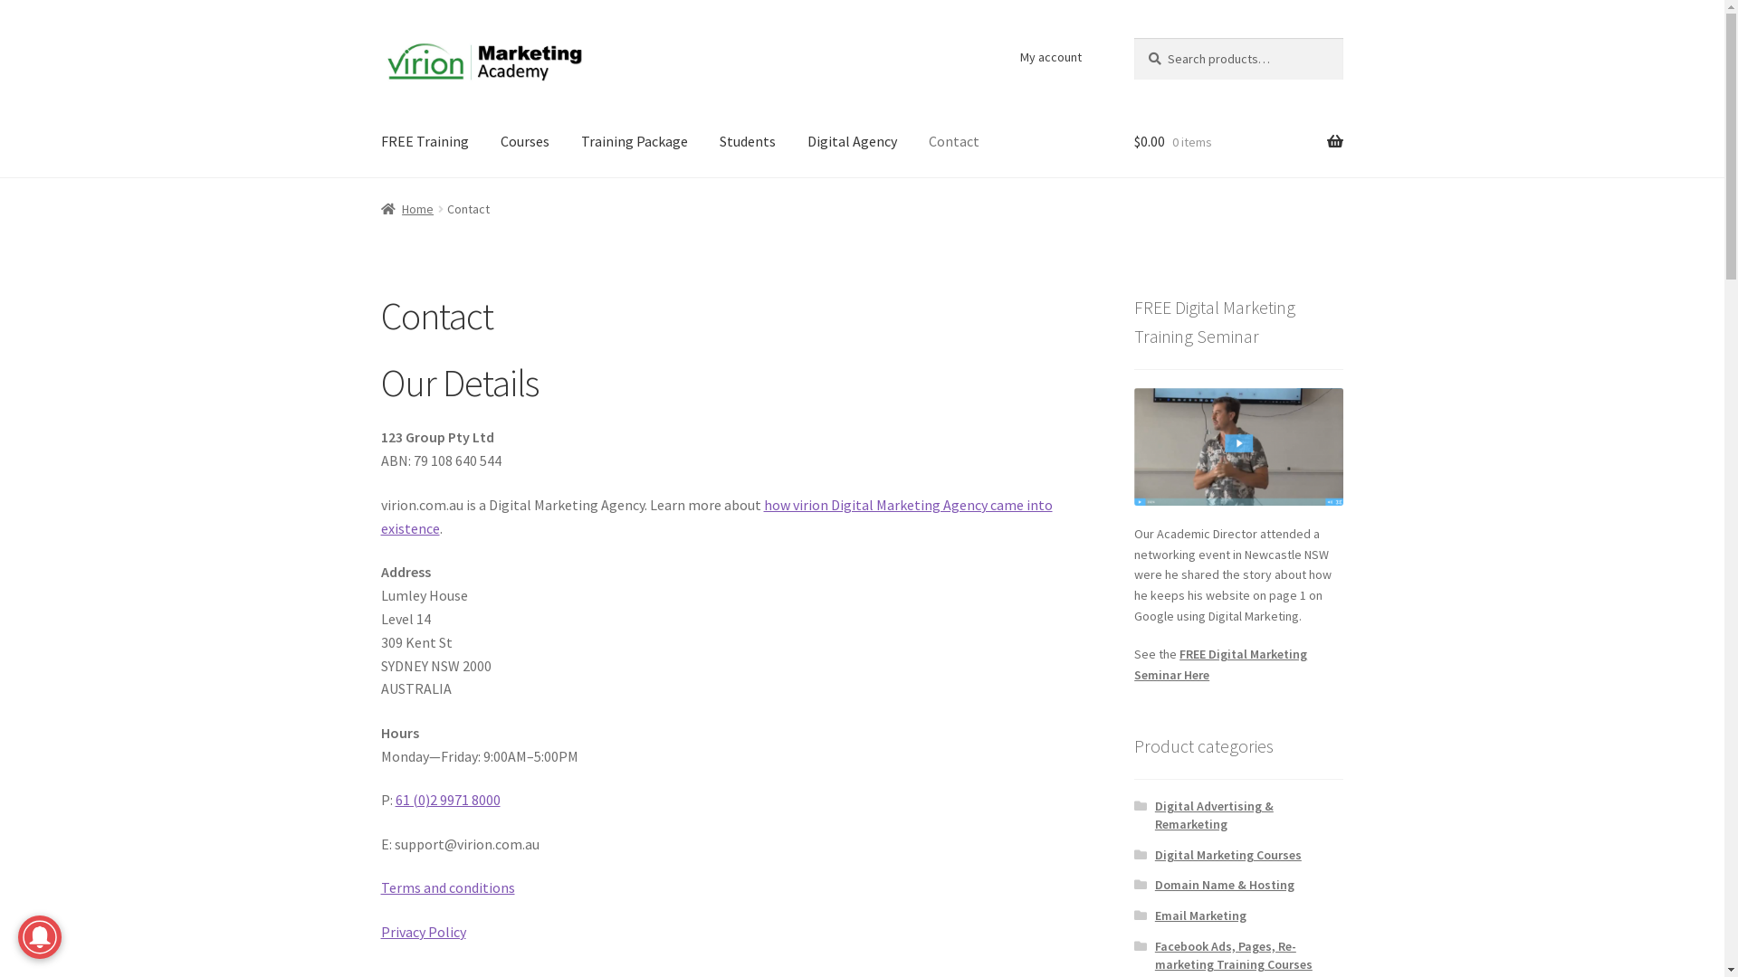 Image resolution: width=1738 pixels, height=977 pixels. Describe the element at coordinates (1214, 815) in the screenshot. I see `'Digital Advertising & Remarketing'` at that location.